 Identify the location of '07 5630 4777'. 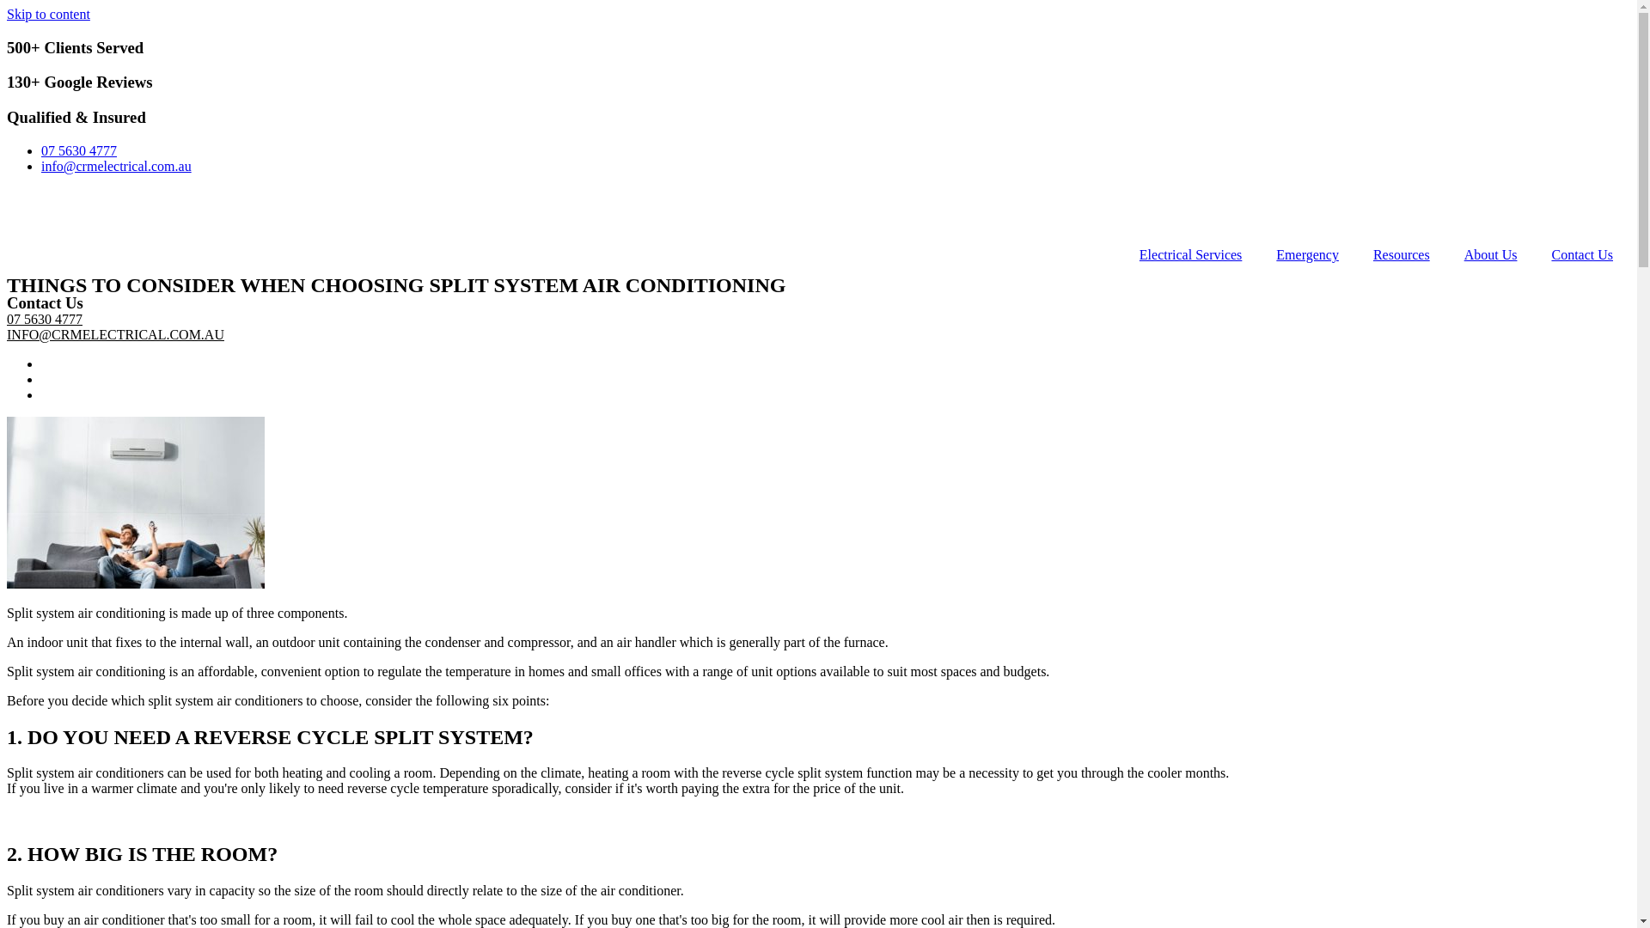
(45, 319).